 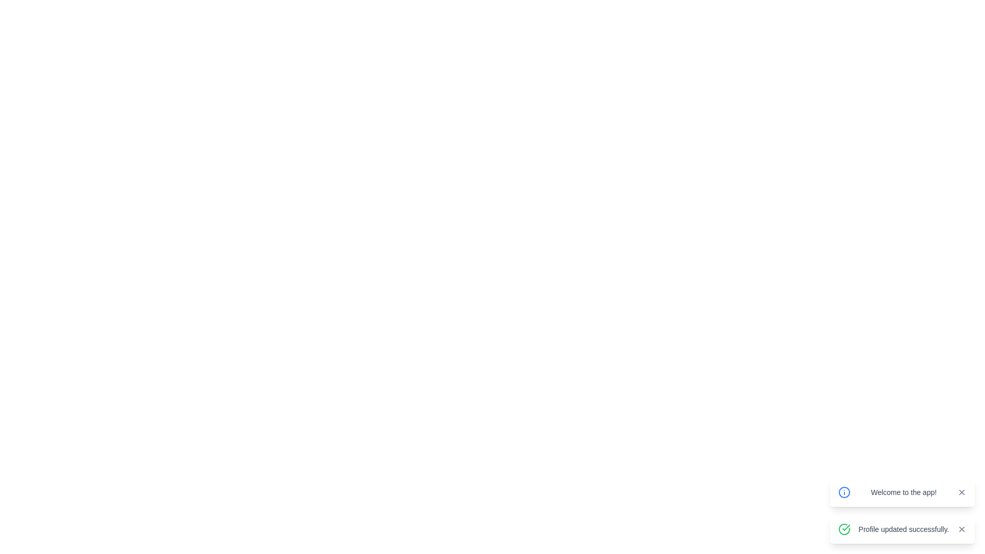 I want to click on the close button located at the top-right corner of the notification card that contains the message 'Profile updated successfully.', so click(x=961, y=529).